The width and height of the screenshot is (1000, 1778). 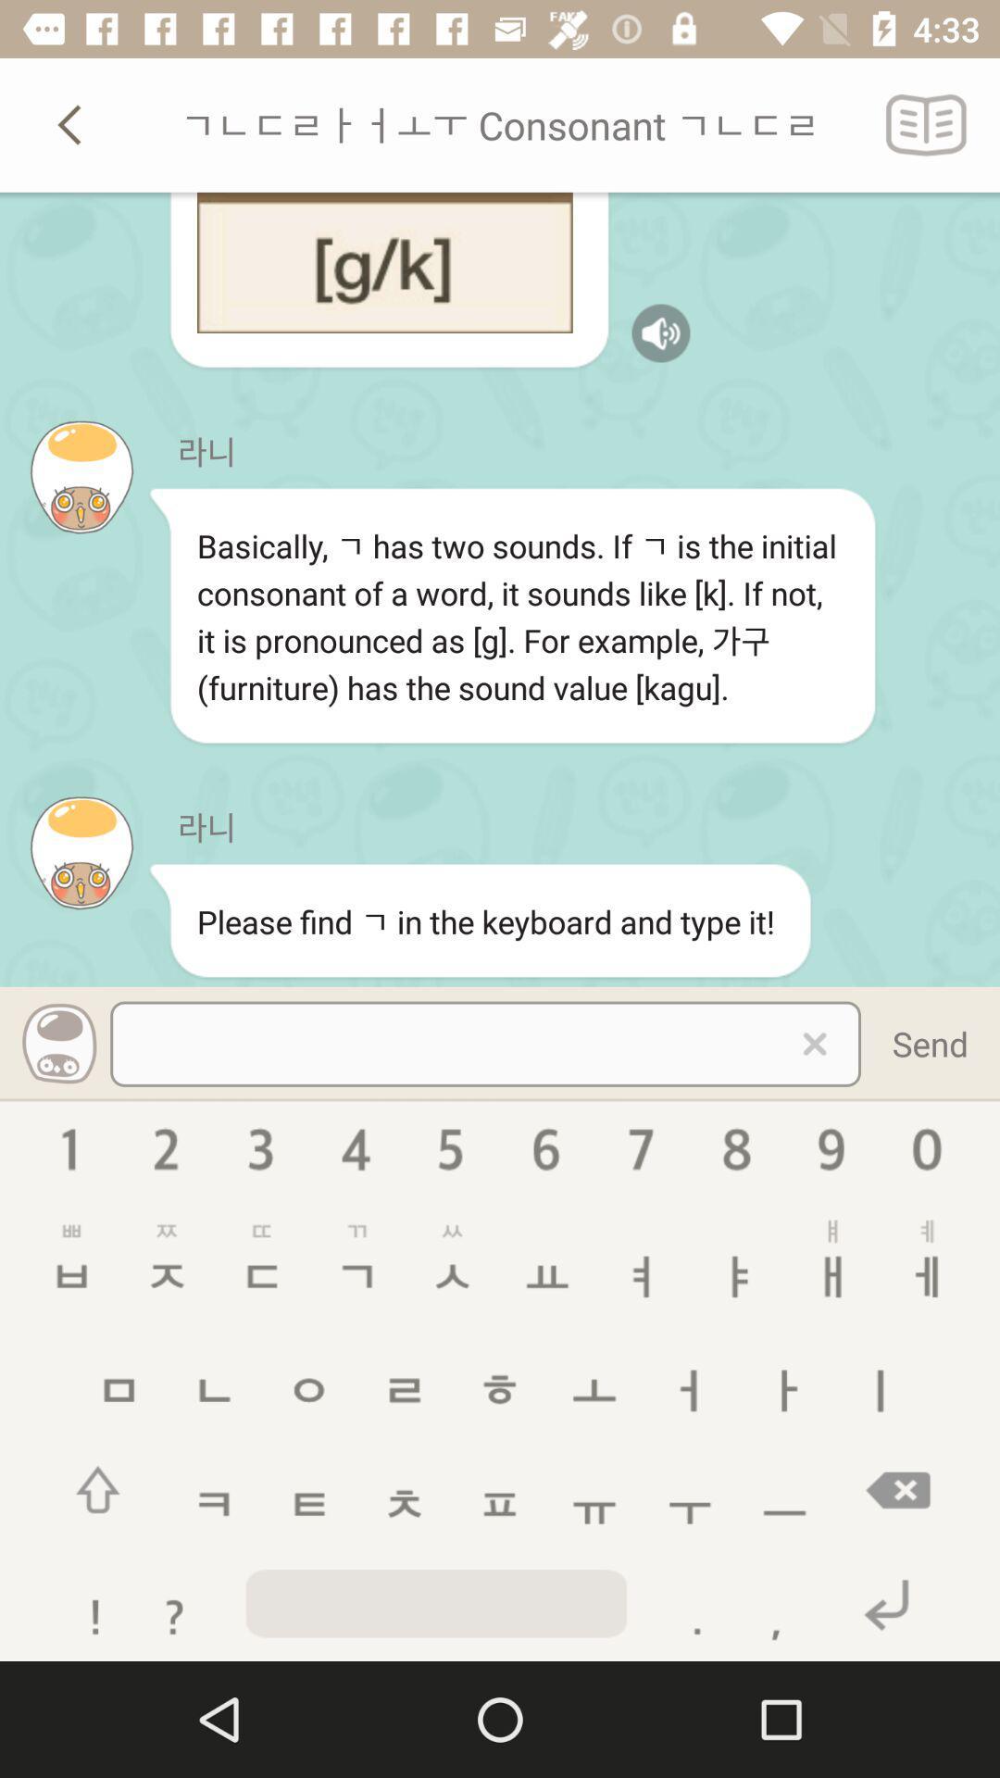 I want to click on the minus icon, so click(x=784, y=1490).